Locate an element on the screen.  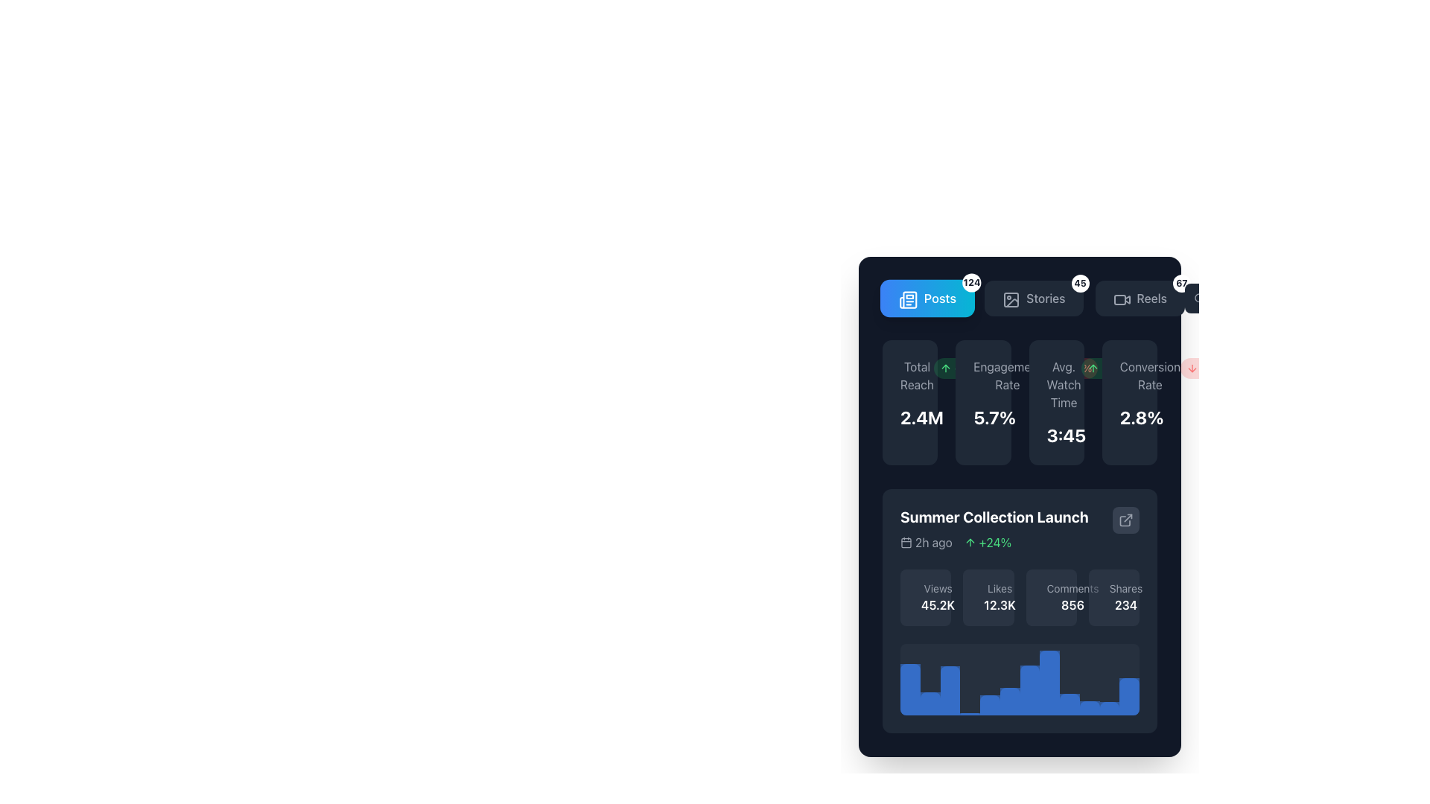
the static informational card that displays the average watch time statistic, positioned as the third card from the left in a grid layout, between the 'Engagement Rate' and 'Conversion Rate' cards is located at coordinates (1055, 402).